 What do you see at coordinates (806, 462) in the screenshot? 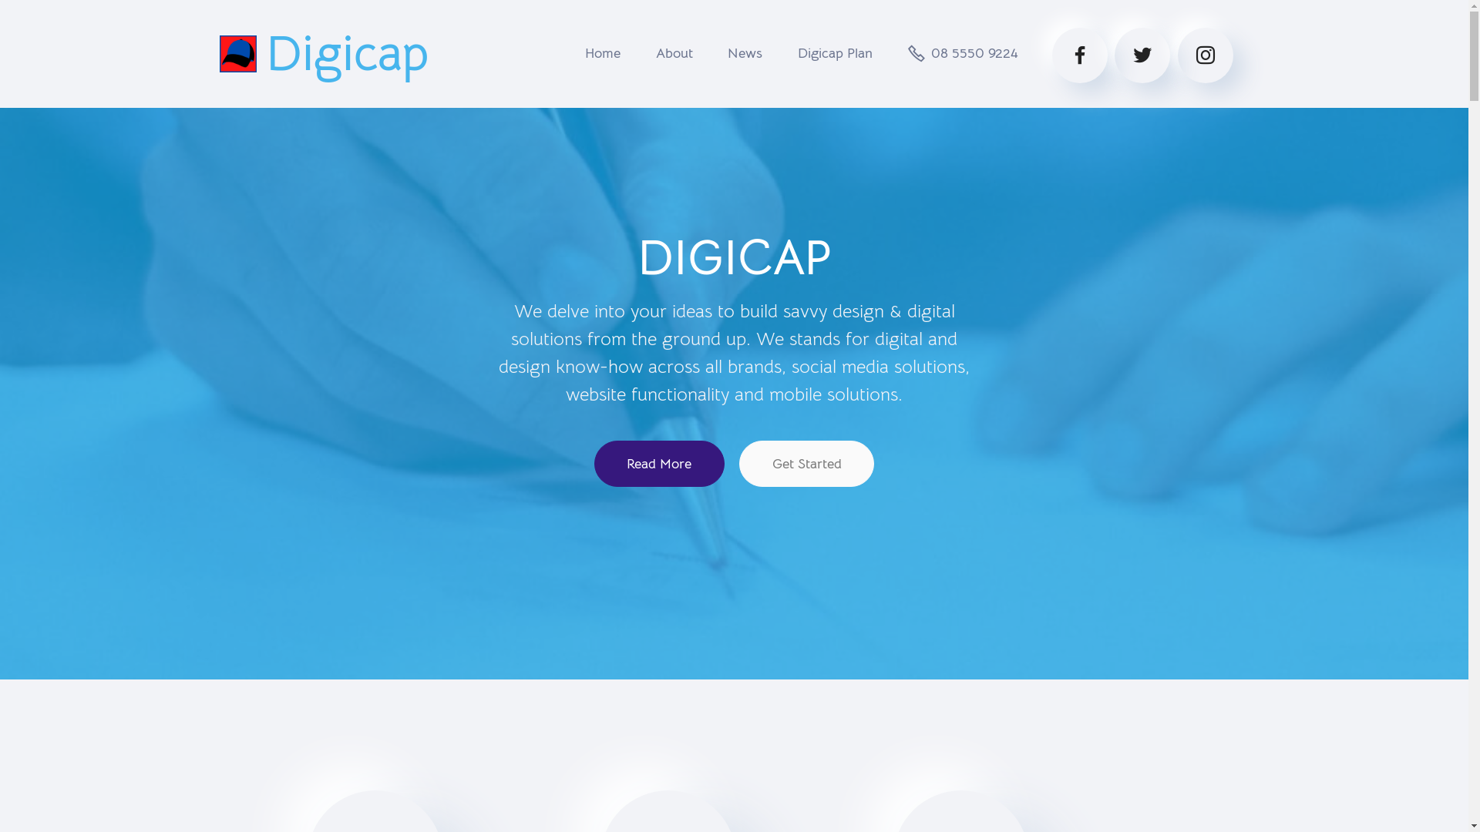
I see `'Get Started'` at bounding box center [806, 462].